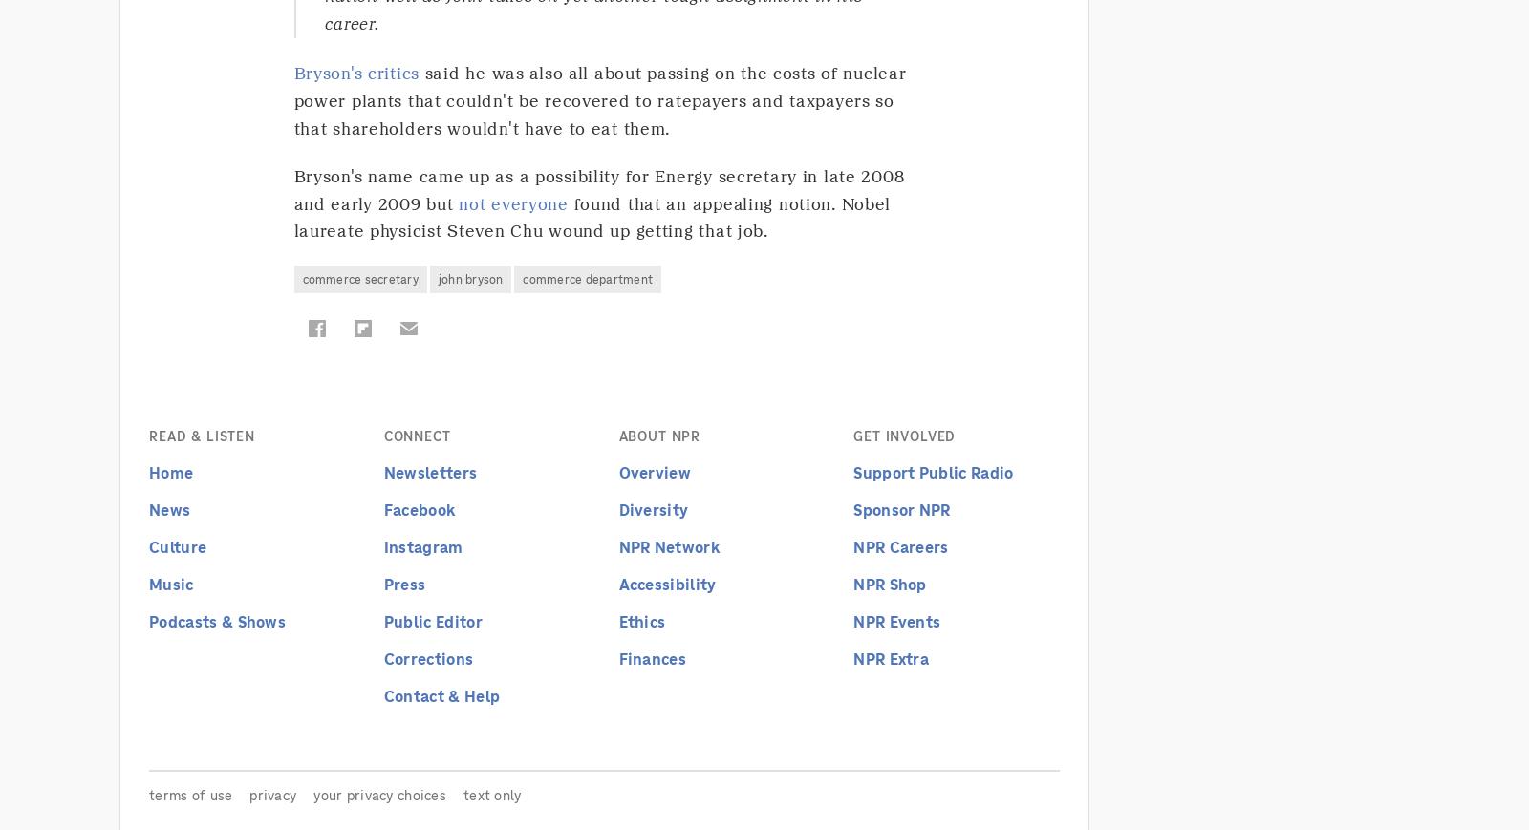 This screenshot has height=830, width=1529. What do you see at coordinates (419, 508) in the screenshot?
I see `'Facebook'` at bounding box center [419, 508].